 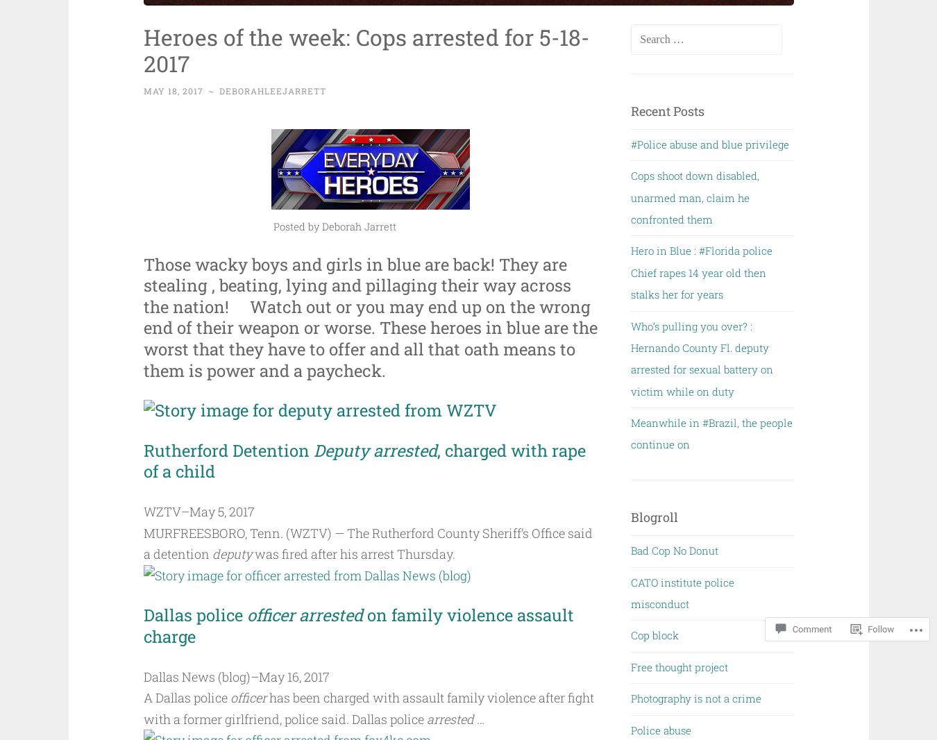 What do you see at coordinates (366, 542) in the screenshot?
I see `'MURFREESBORO, Tenn. (WZTV) — The Rutherford County Sheriff’s Office said a detention'` at bounding box center [366, 542].